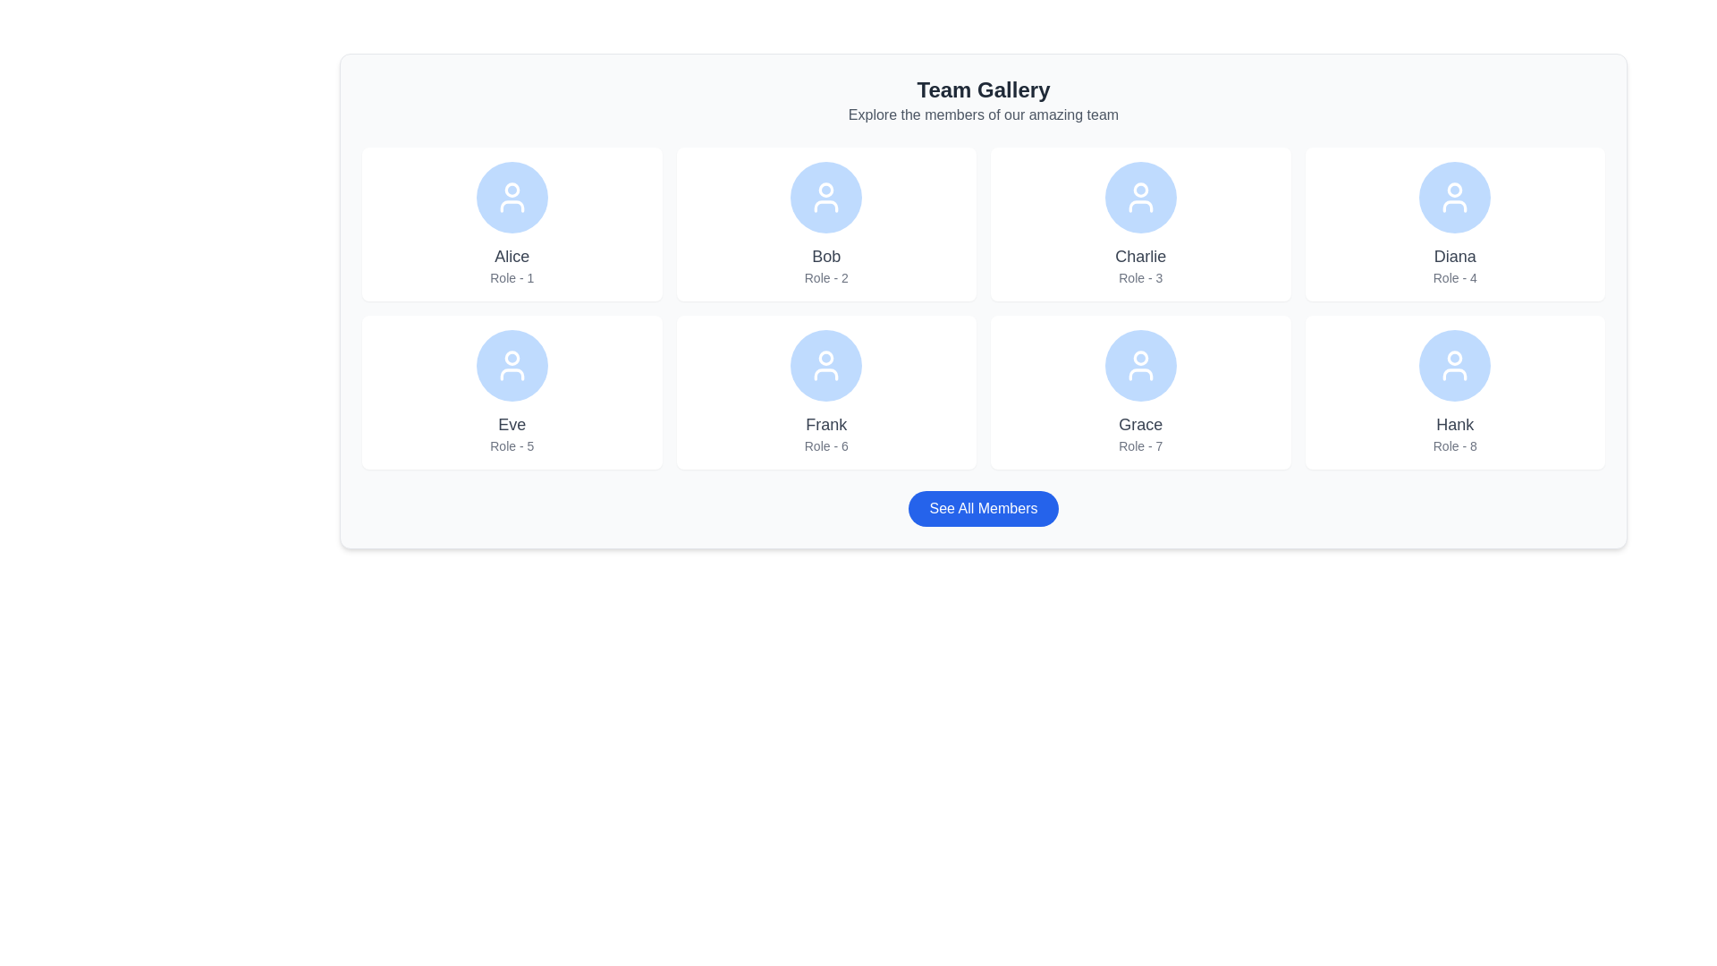  What do you see at coordinates (825, 223) in the screenshot?
I see `the Profile card for 'Bob'` at bounding box center [825, 223].